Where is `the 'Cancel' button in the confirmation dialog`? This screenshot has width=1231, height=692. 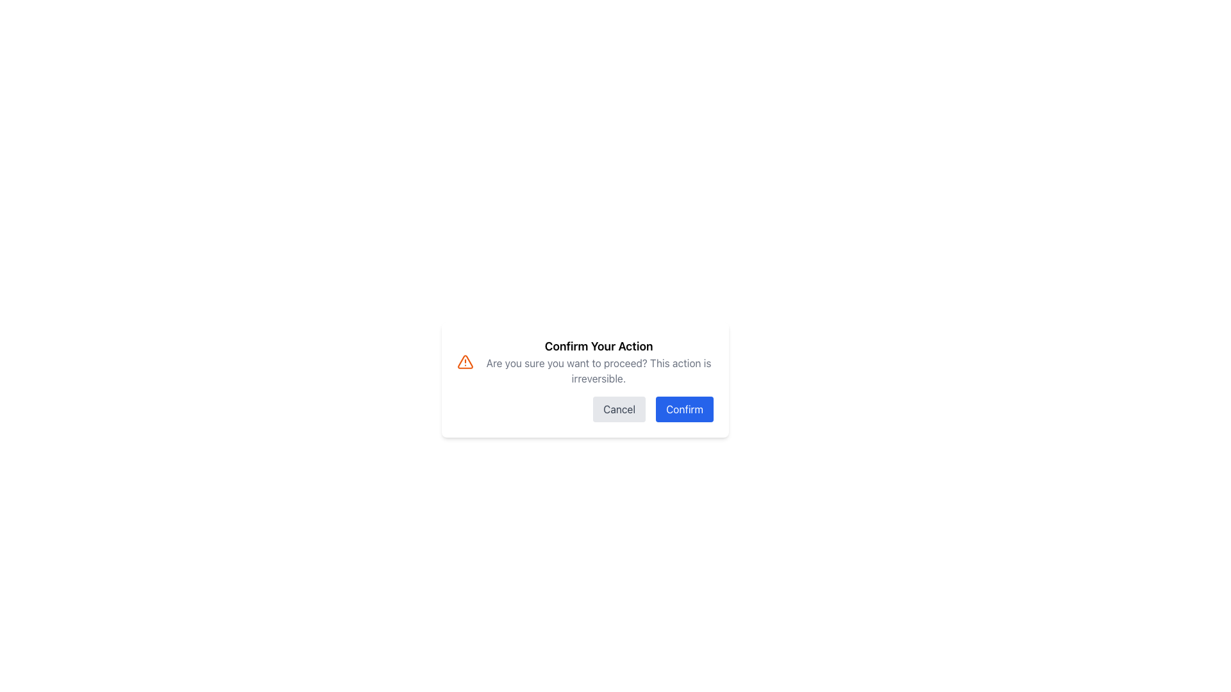 the 'Cancel' button in the confirmation dialog is located at coordinates (619, 409).